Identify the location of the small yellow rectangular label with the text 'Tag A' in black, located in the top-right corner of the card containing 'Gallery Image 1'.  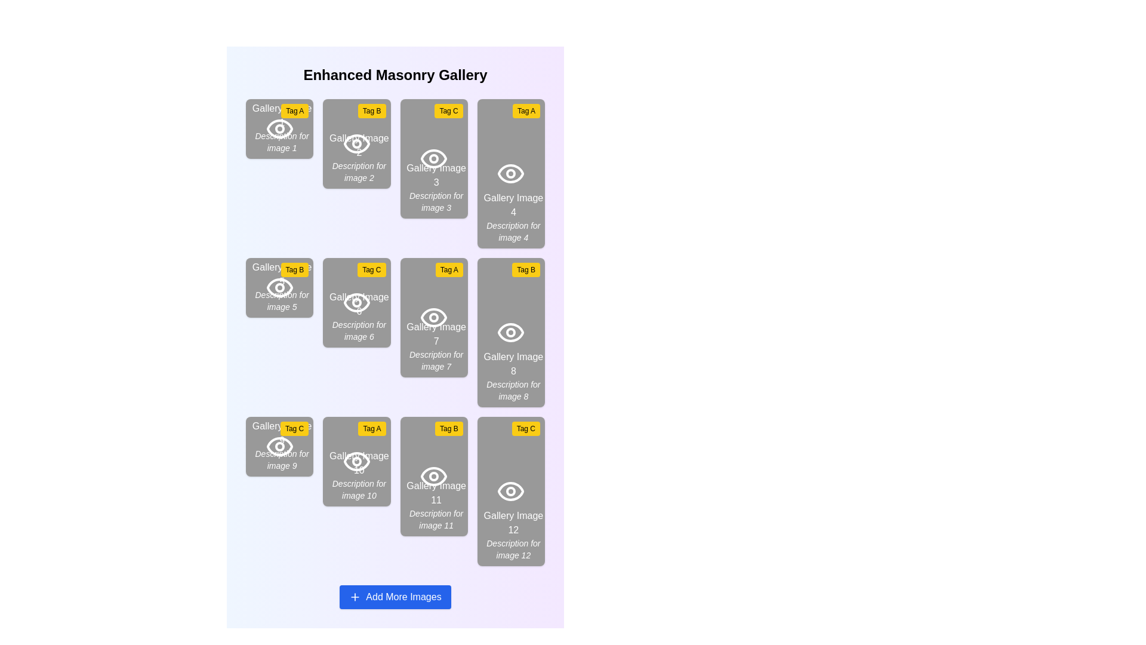
(295, 110).